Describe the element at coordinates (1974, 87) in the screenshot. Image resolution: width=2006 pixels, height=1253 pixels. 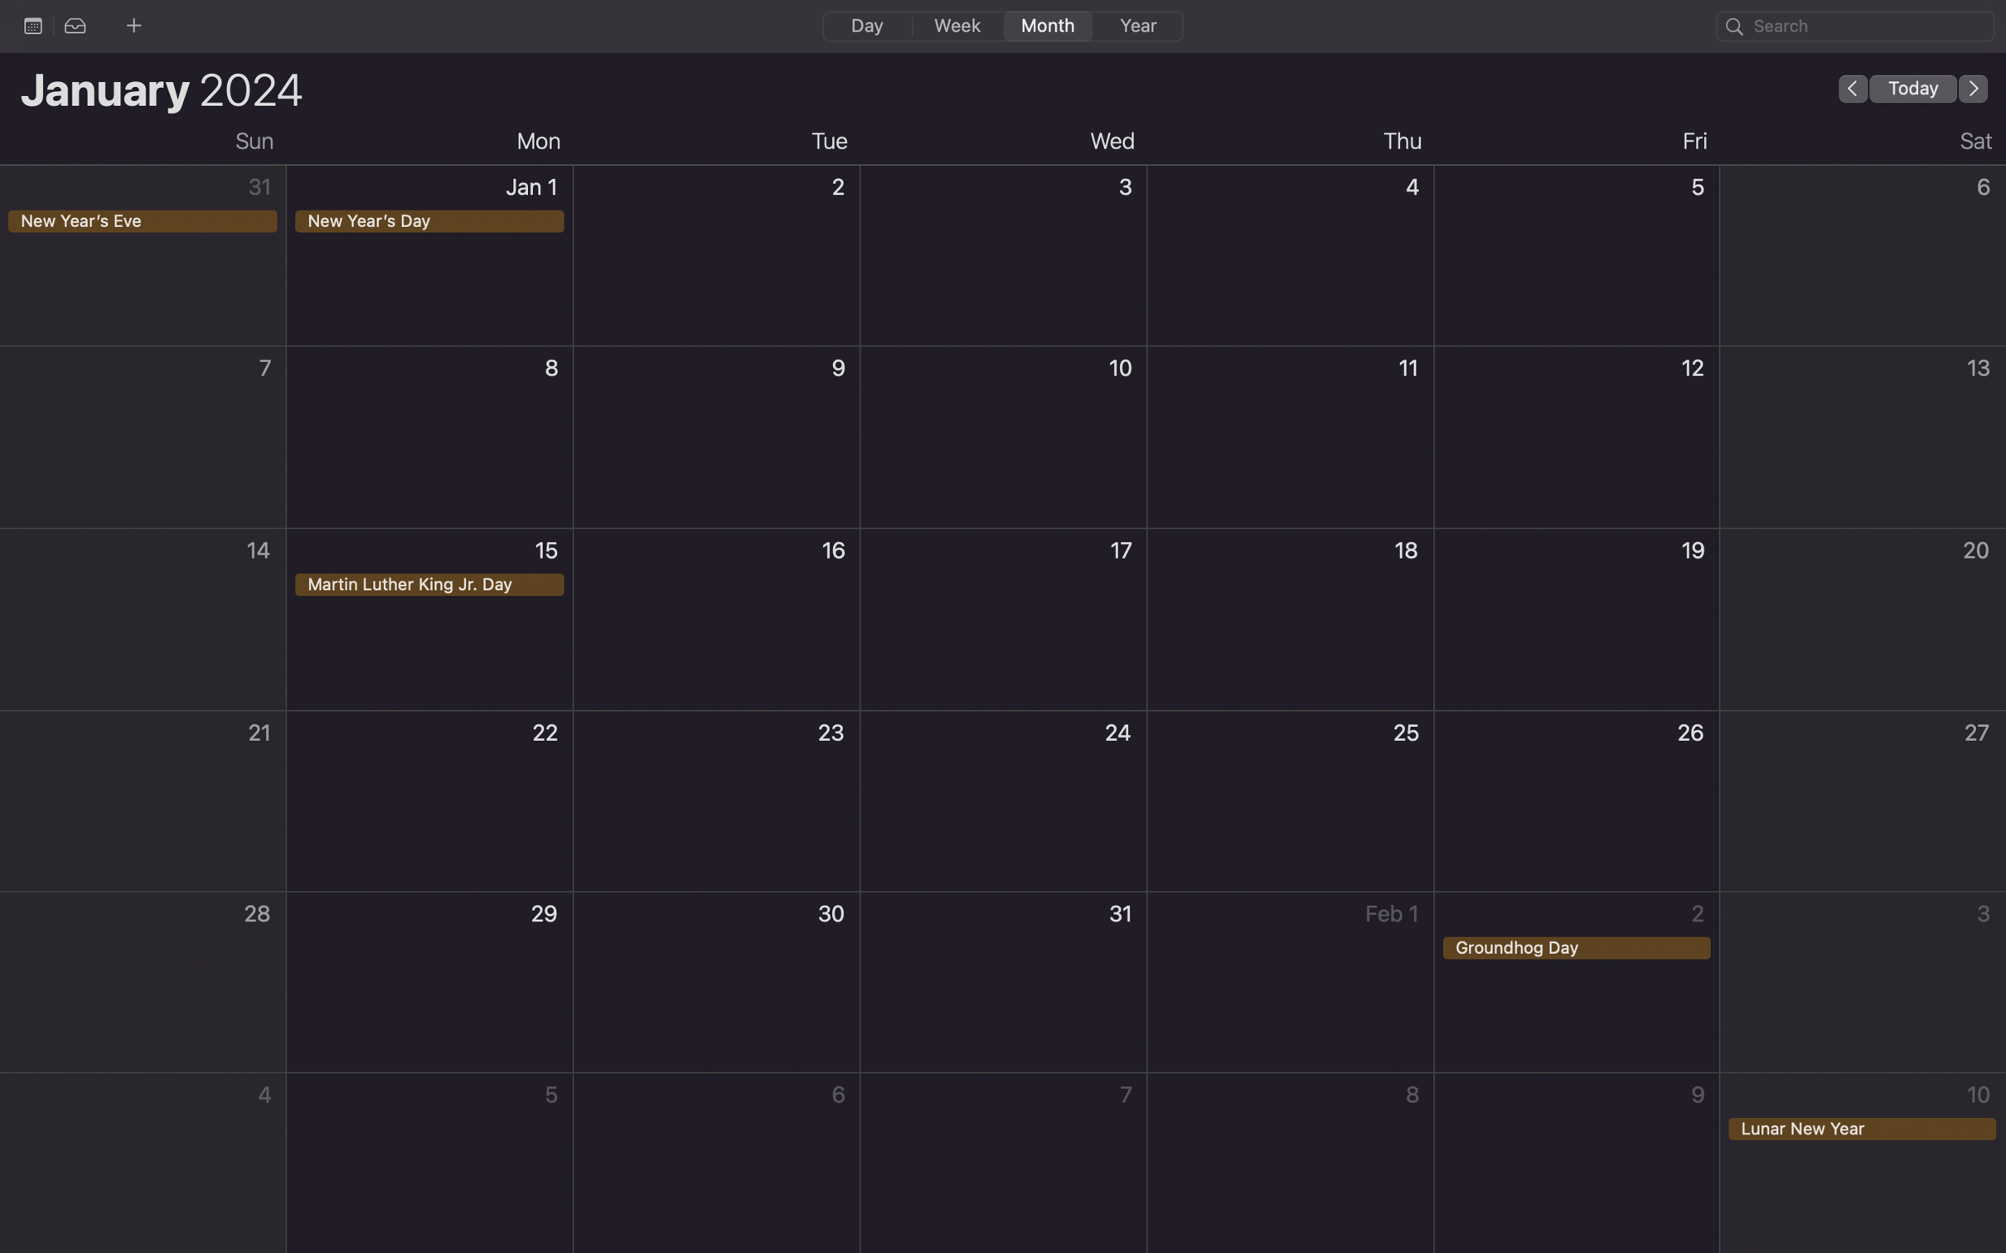
I see `Go to the next month of the calendar` at that location.